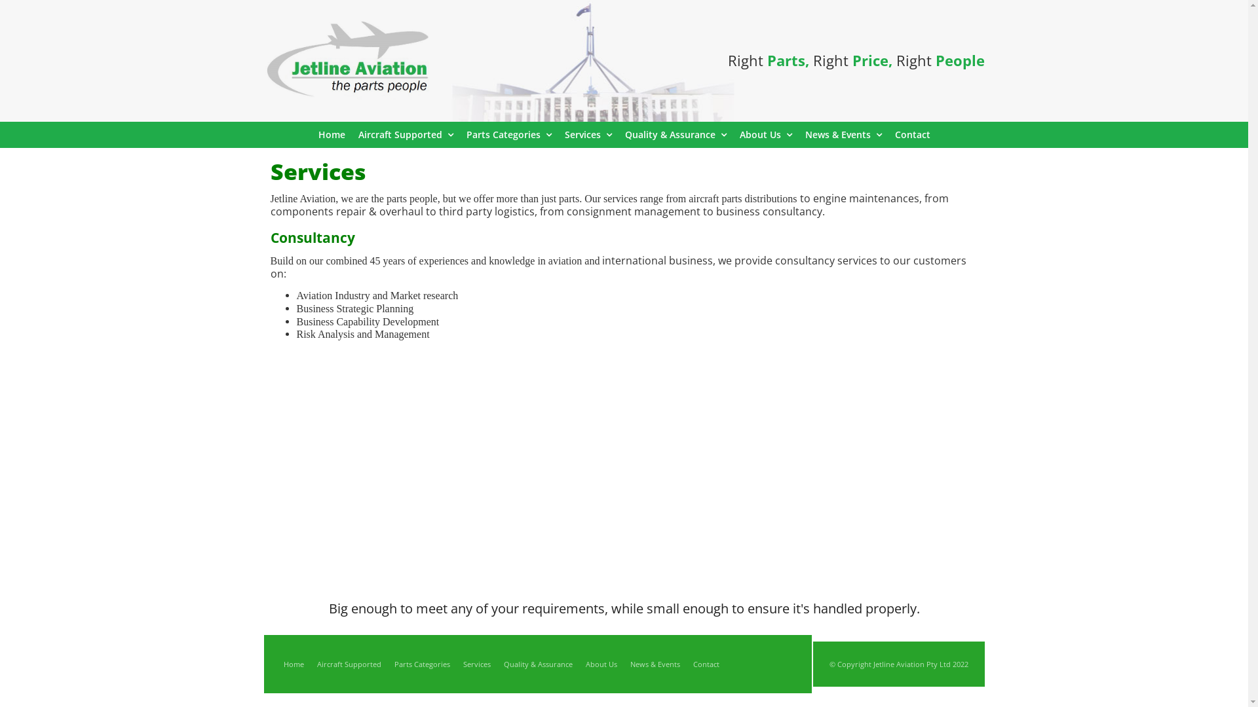 This screenshot has height=707, width=1258. What do you see at coordinates (843, 134) in the screenshot?
I see `'News & Events'` at bounding box center [843, 134].